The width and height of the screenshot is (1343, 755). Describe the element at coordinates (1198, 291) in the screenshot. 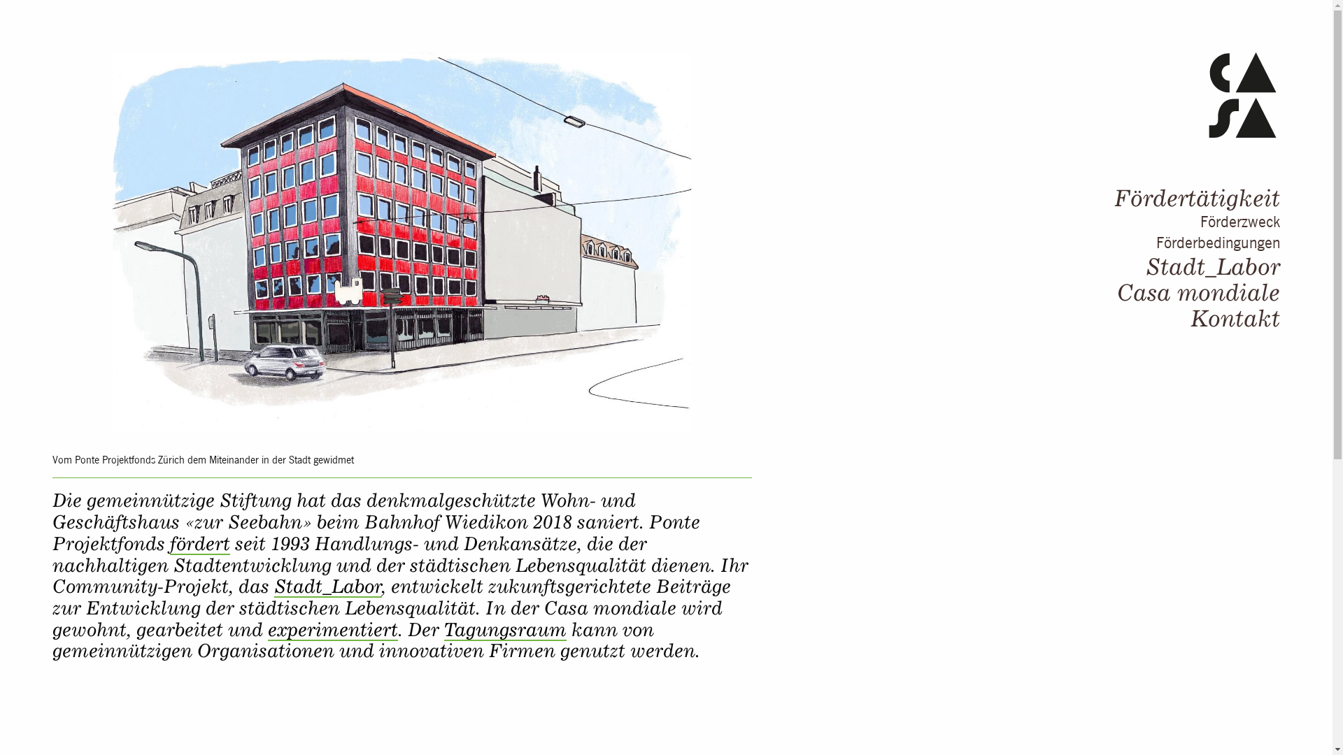

I see `'Casa mondiale'` at that location.